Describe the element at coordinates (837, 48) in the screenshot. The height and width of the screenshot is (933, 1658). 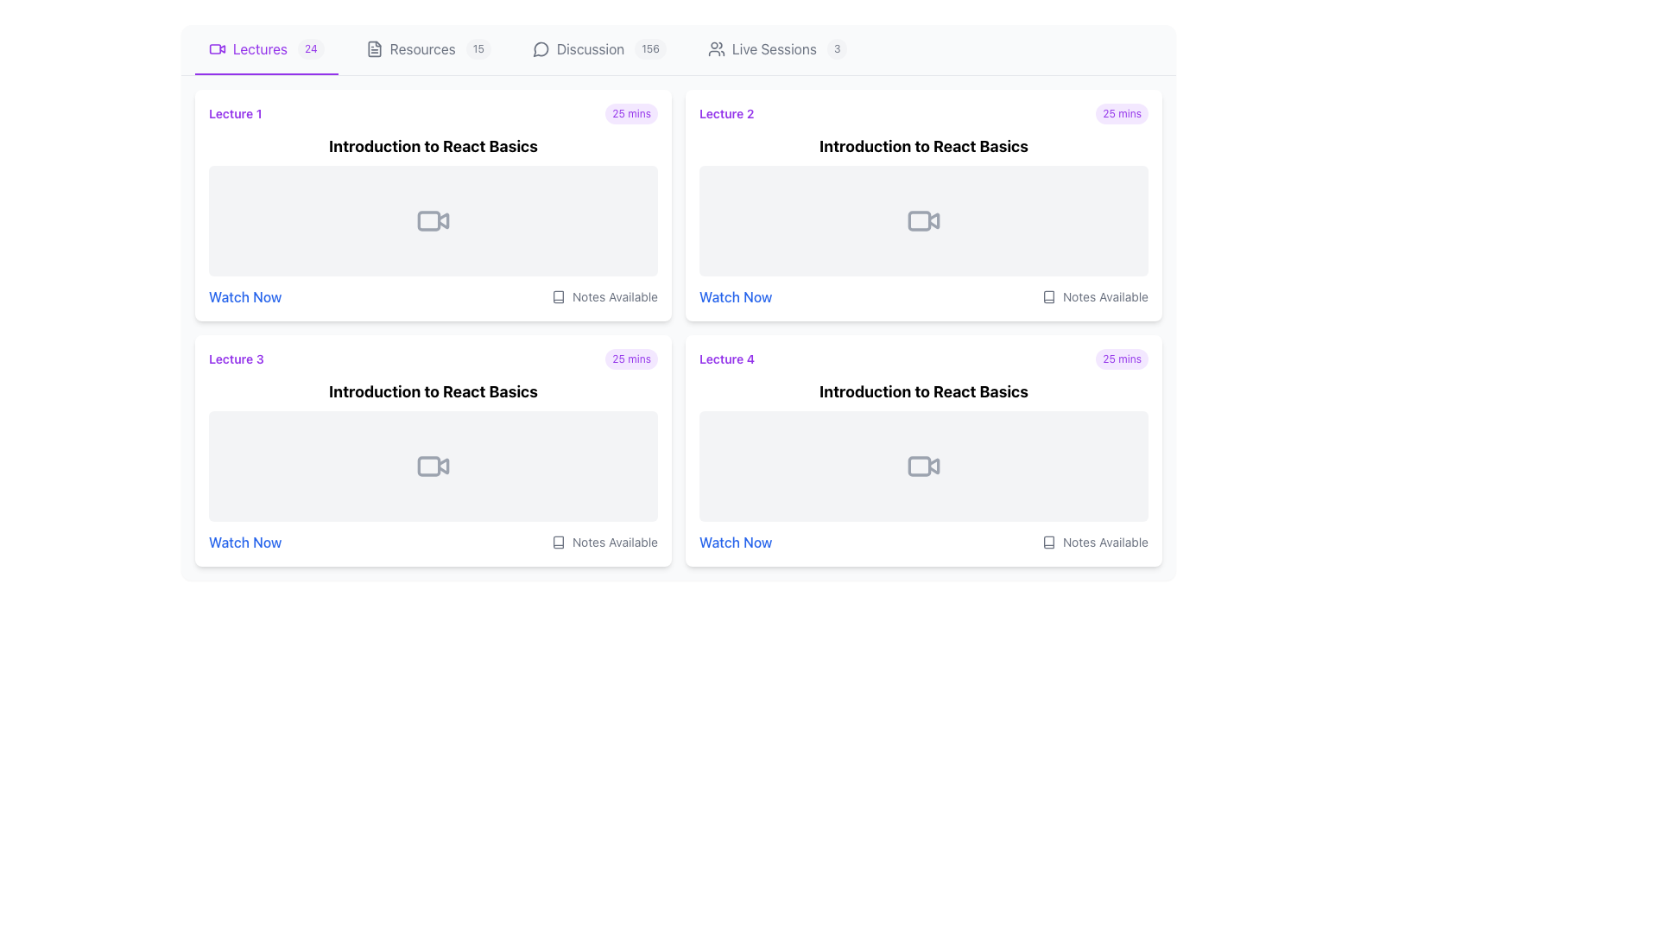
I see `the content of the non-interactive Counter Badge displaying the number '3', located at the far right of the 'Live Sessions' section in the navigation bar` at that location.